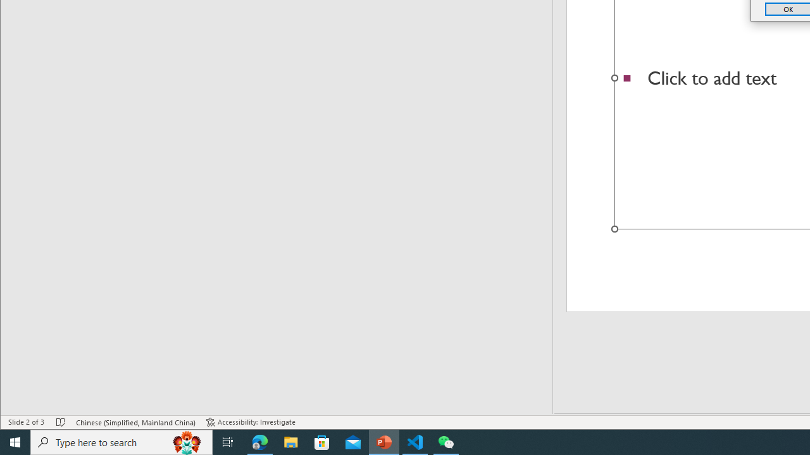  Describe the element at coordinates (446, 441) in the screenshot. I see `'WeChat - 1 running window'` at that location.